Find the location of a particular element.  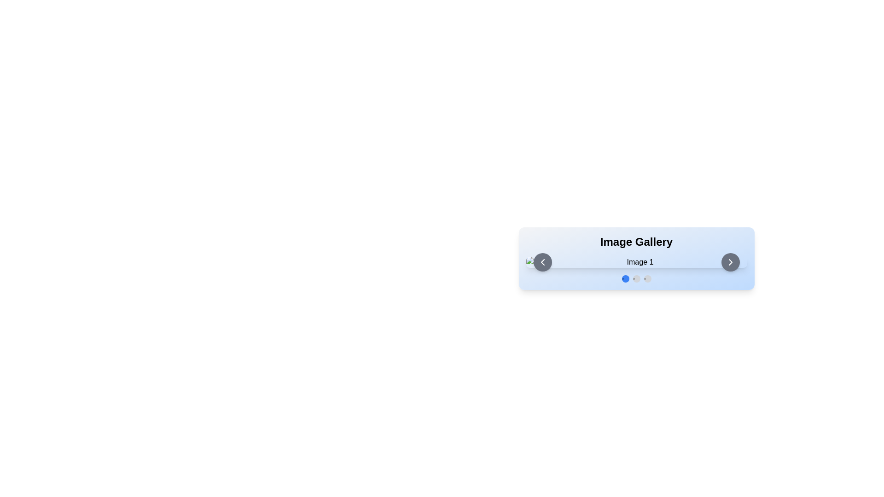

the SVG icon component inside the circular button on the left of the horizontal gallery navigation bar is located at coordinates (542, 262).